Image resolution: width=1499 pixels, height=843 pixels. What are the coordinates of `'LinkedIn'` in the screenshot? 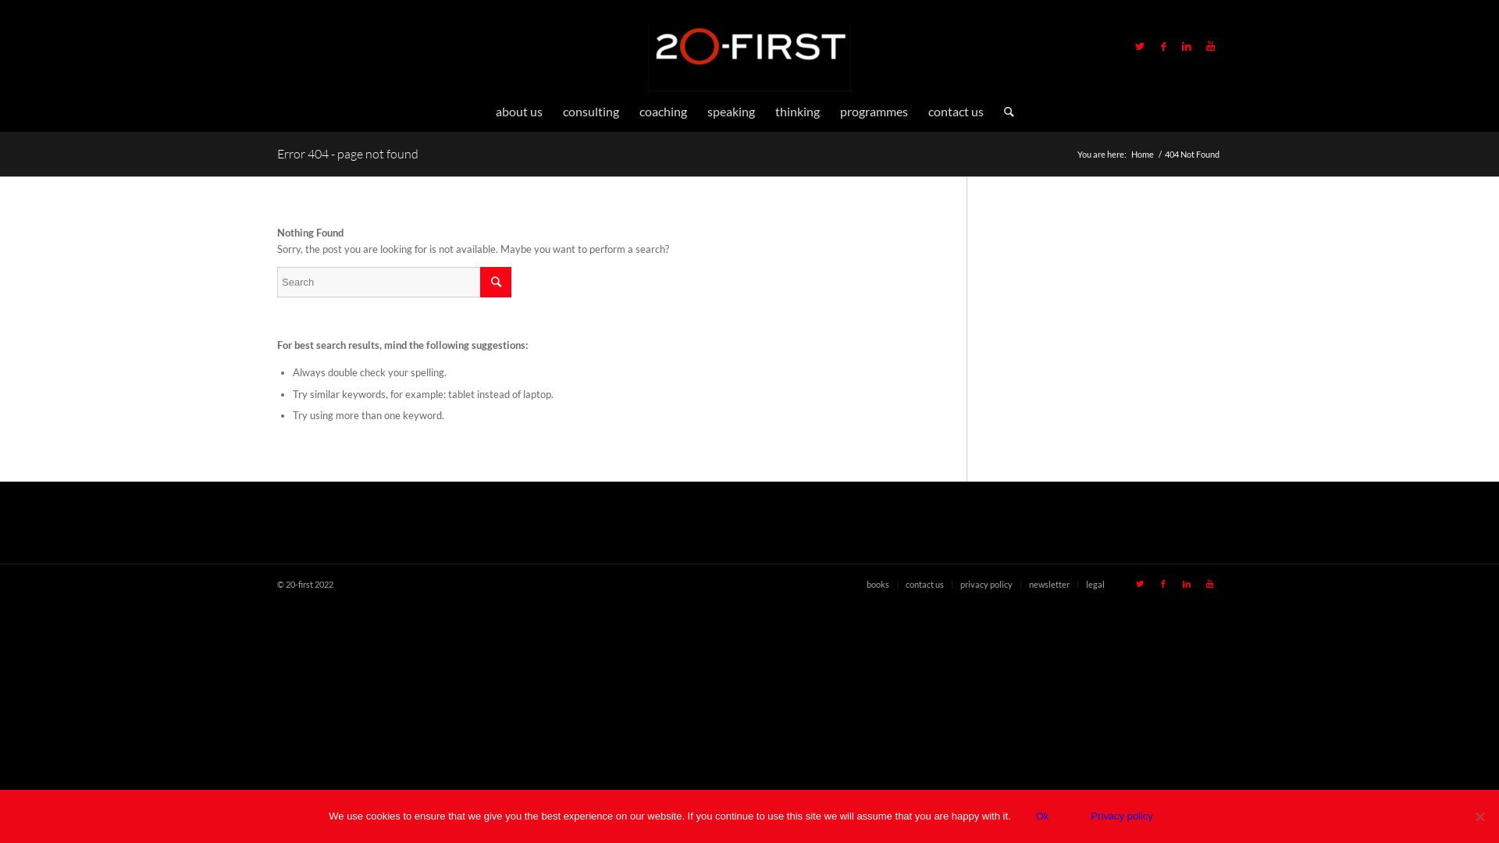 It's located at (1187, 584).